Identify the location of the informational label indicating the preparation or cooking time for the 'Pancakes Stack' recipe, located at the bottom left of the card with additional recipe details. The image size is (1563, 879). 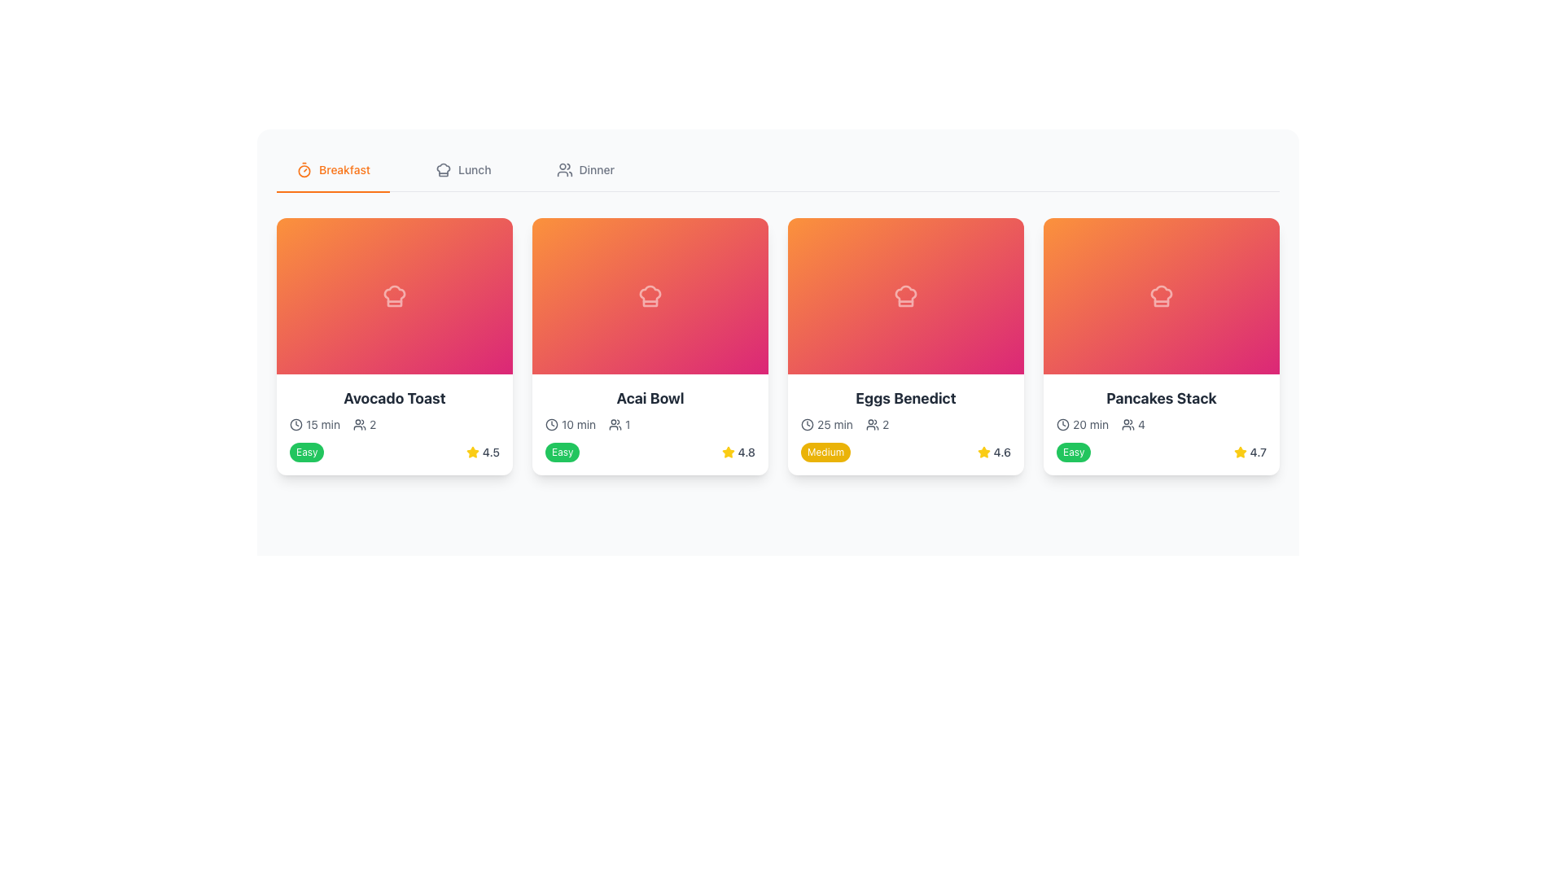
(1082, 423).